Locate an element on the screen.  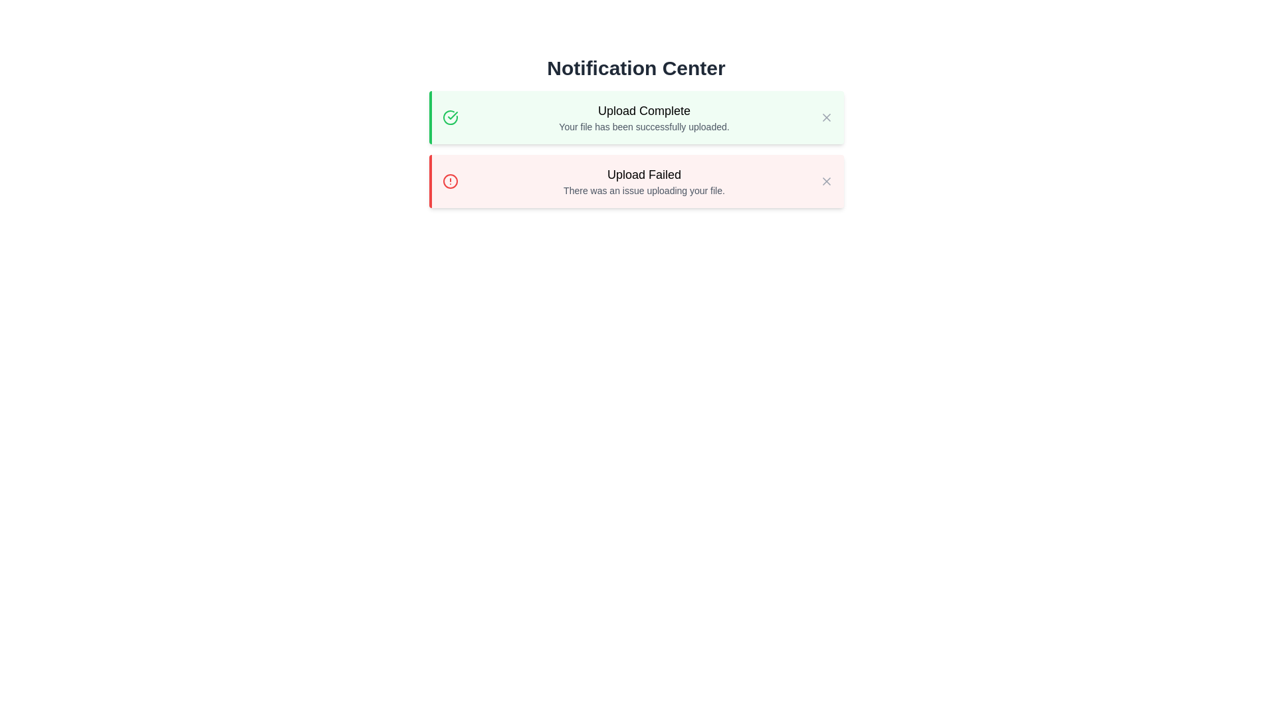
text of the static label that says 'Upload Complete' located in the upper notification box of the Notification Center is located at coordinates (644, 110).